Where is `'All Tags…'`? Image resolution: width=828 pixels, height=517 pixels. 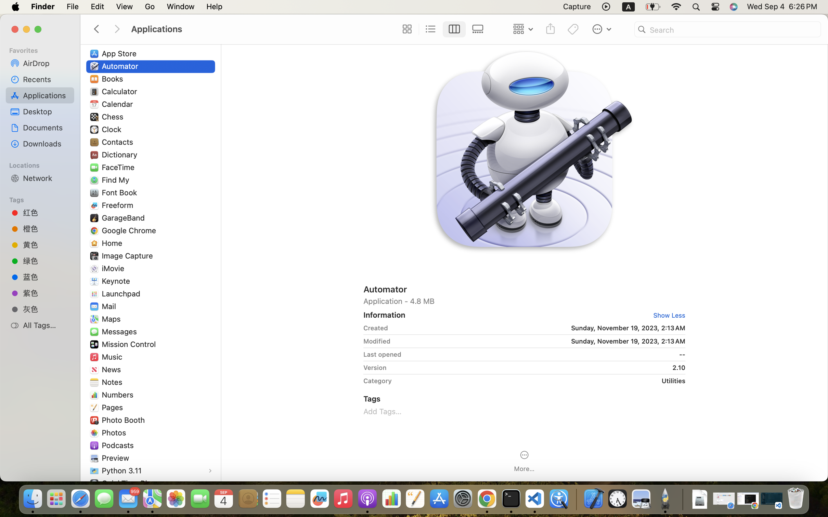 'All Tags…' is located at coordinates (46, 324).